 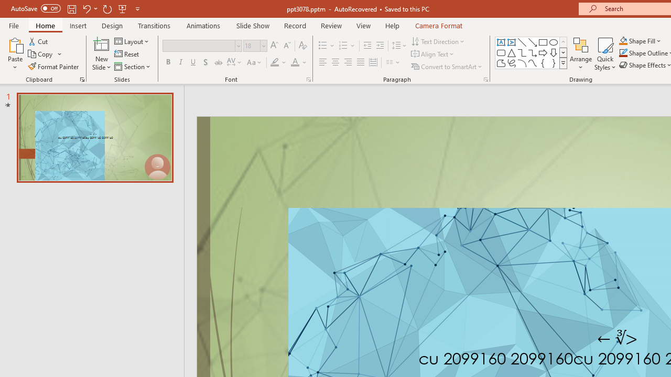 I want to click on 'Distributed', so click(x=373, y=62).